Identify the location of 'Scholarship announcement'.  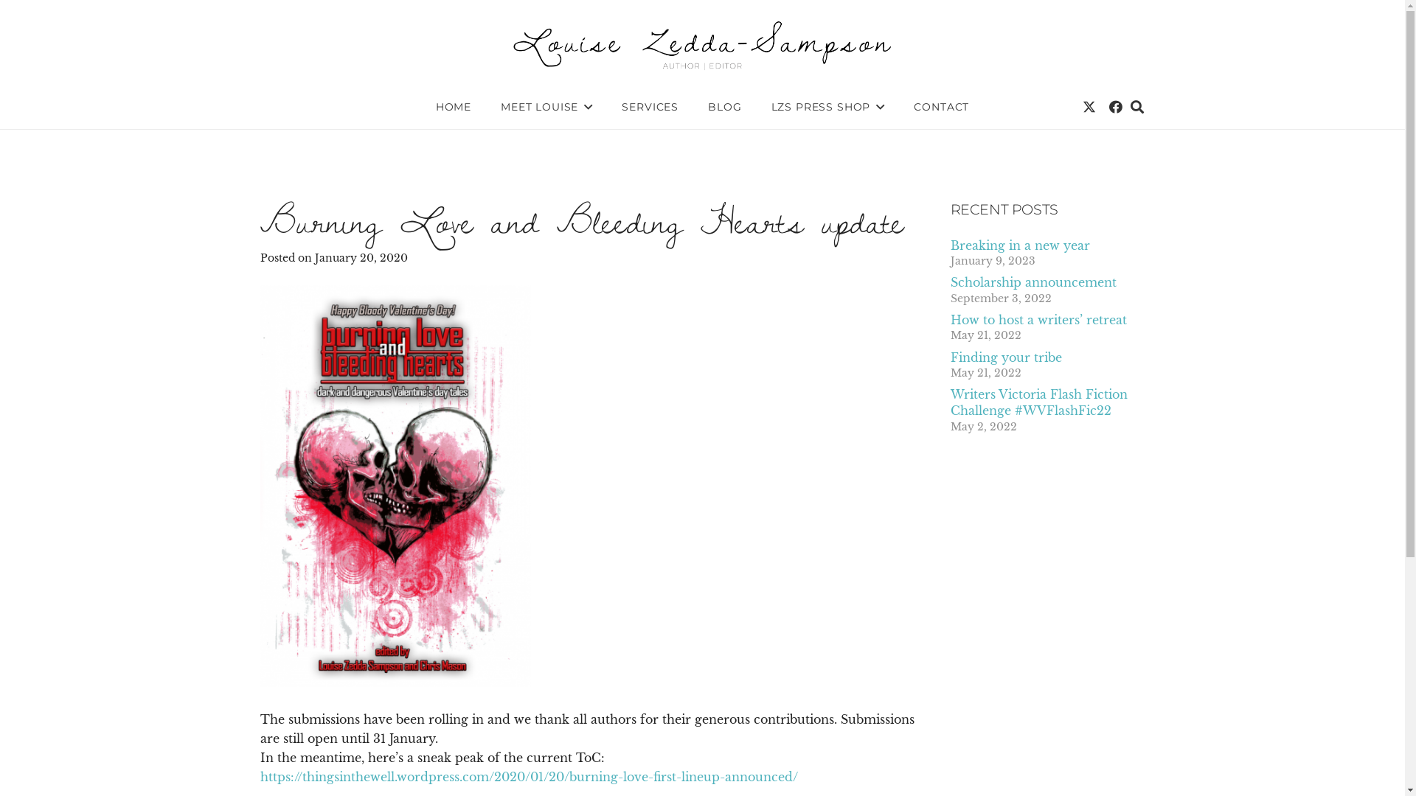
(949, 282).